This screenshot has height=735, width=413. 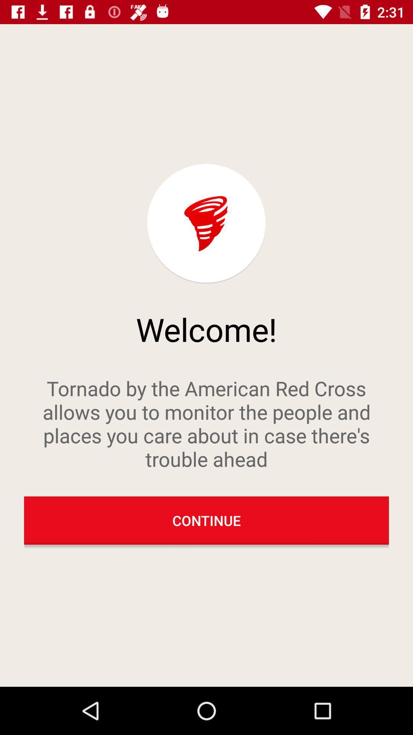 I want to click on the continue button, so click(x=206, y=520).